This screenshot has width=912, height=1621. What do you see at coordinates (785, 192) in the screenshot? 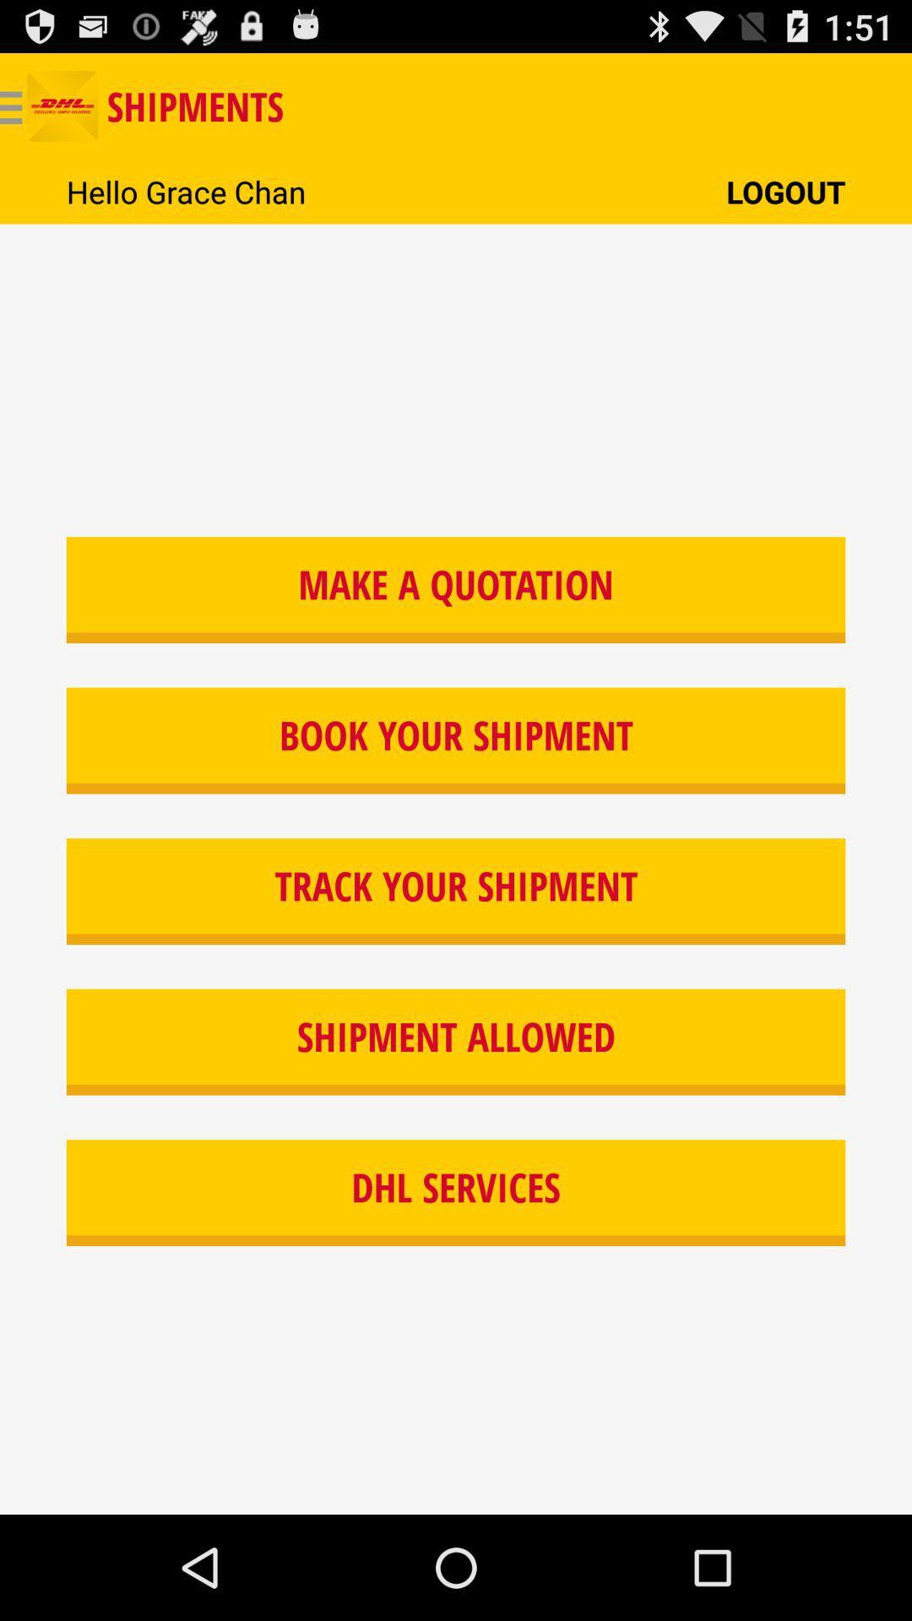
I see `the app to the right of the hello grace chan app` at bounding box center [785, 192].